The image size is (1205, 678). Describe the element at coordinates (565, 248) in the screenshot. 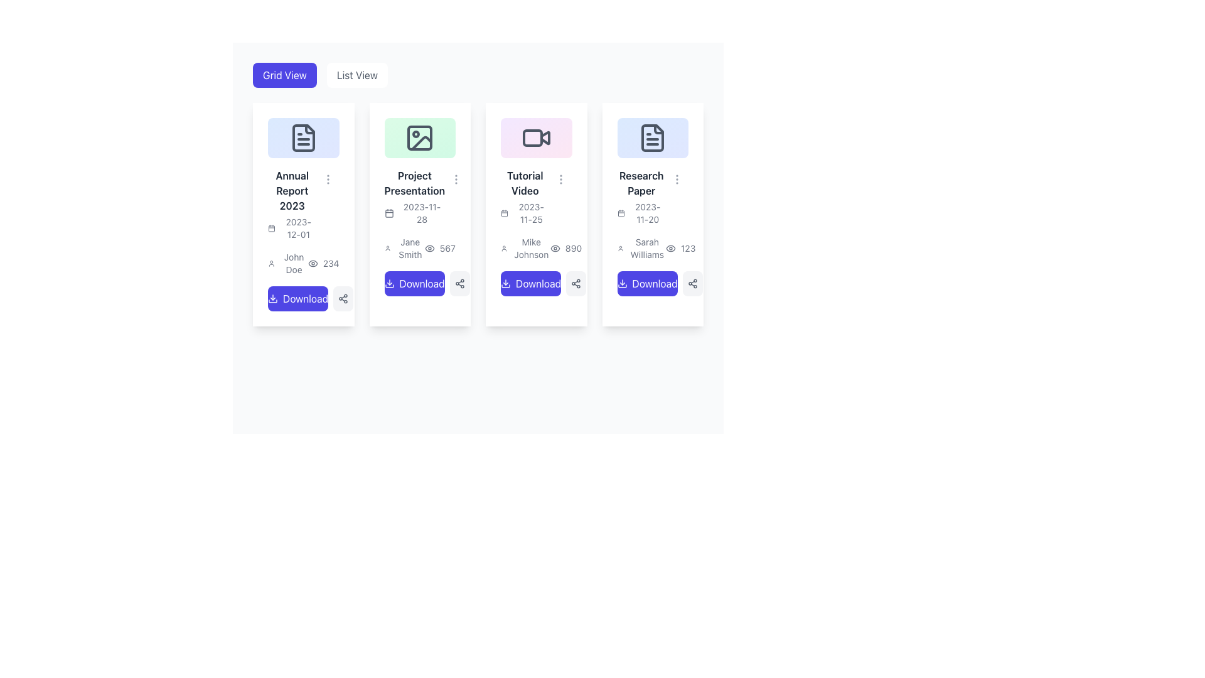

I see `the view count number '890' displayed next to the eye icon in the third card of the grid, which is labeled 'Tutorial Video'` at that location.